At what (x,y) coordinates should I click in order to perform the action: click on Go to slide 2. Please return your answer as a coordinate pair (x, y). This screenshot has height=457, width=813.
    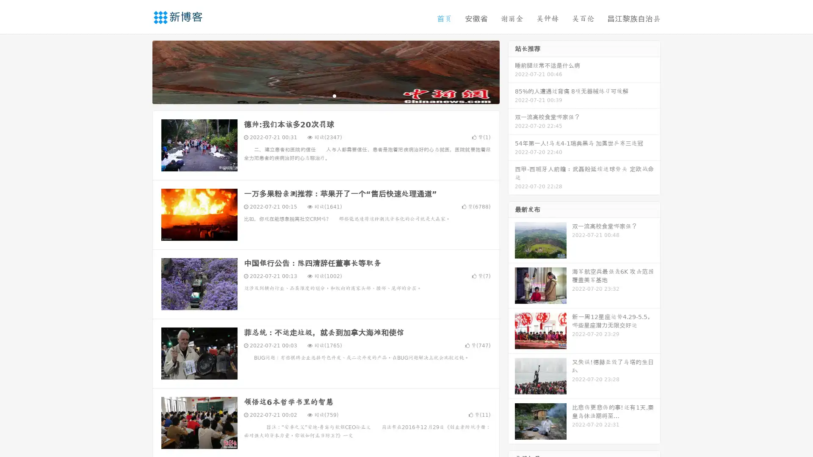
    Looking at the image, I should click on (325, 95).